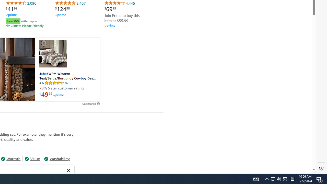 Image resolution: width=327 pixels, height=184 pixels. What do you see at coordinates (10, 158) in the screenshot?
I see `'Warmth'` at bounding box center [10, 158].